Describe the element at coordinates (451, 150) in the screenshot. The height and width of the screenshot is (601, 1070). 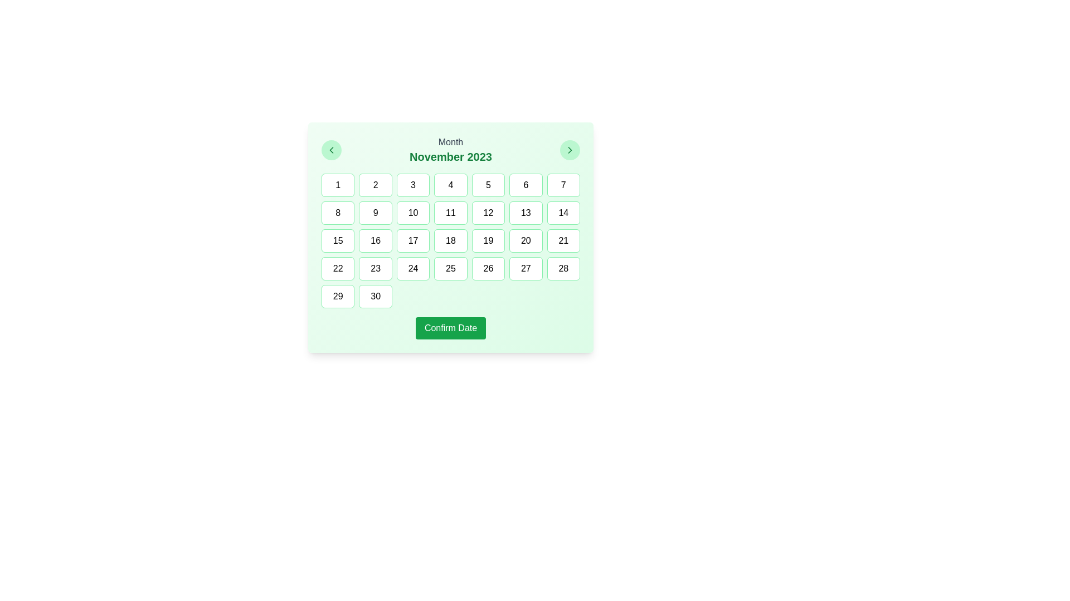
I see `text from the header element that displays 'Month' in grey and 'November 2023' in bold green, located at the top center of the calendar interface` at that location.